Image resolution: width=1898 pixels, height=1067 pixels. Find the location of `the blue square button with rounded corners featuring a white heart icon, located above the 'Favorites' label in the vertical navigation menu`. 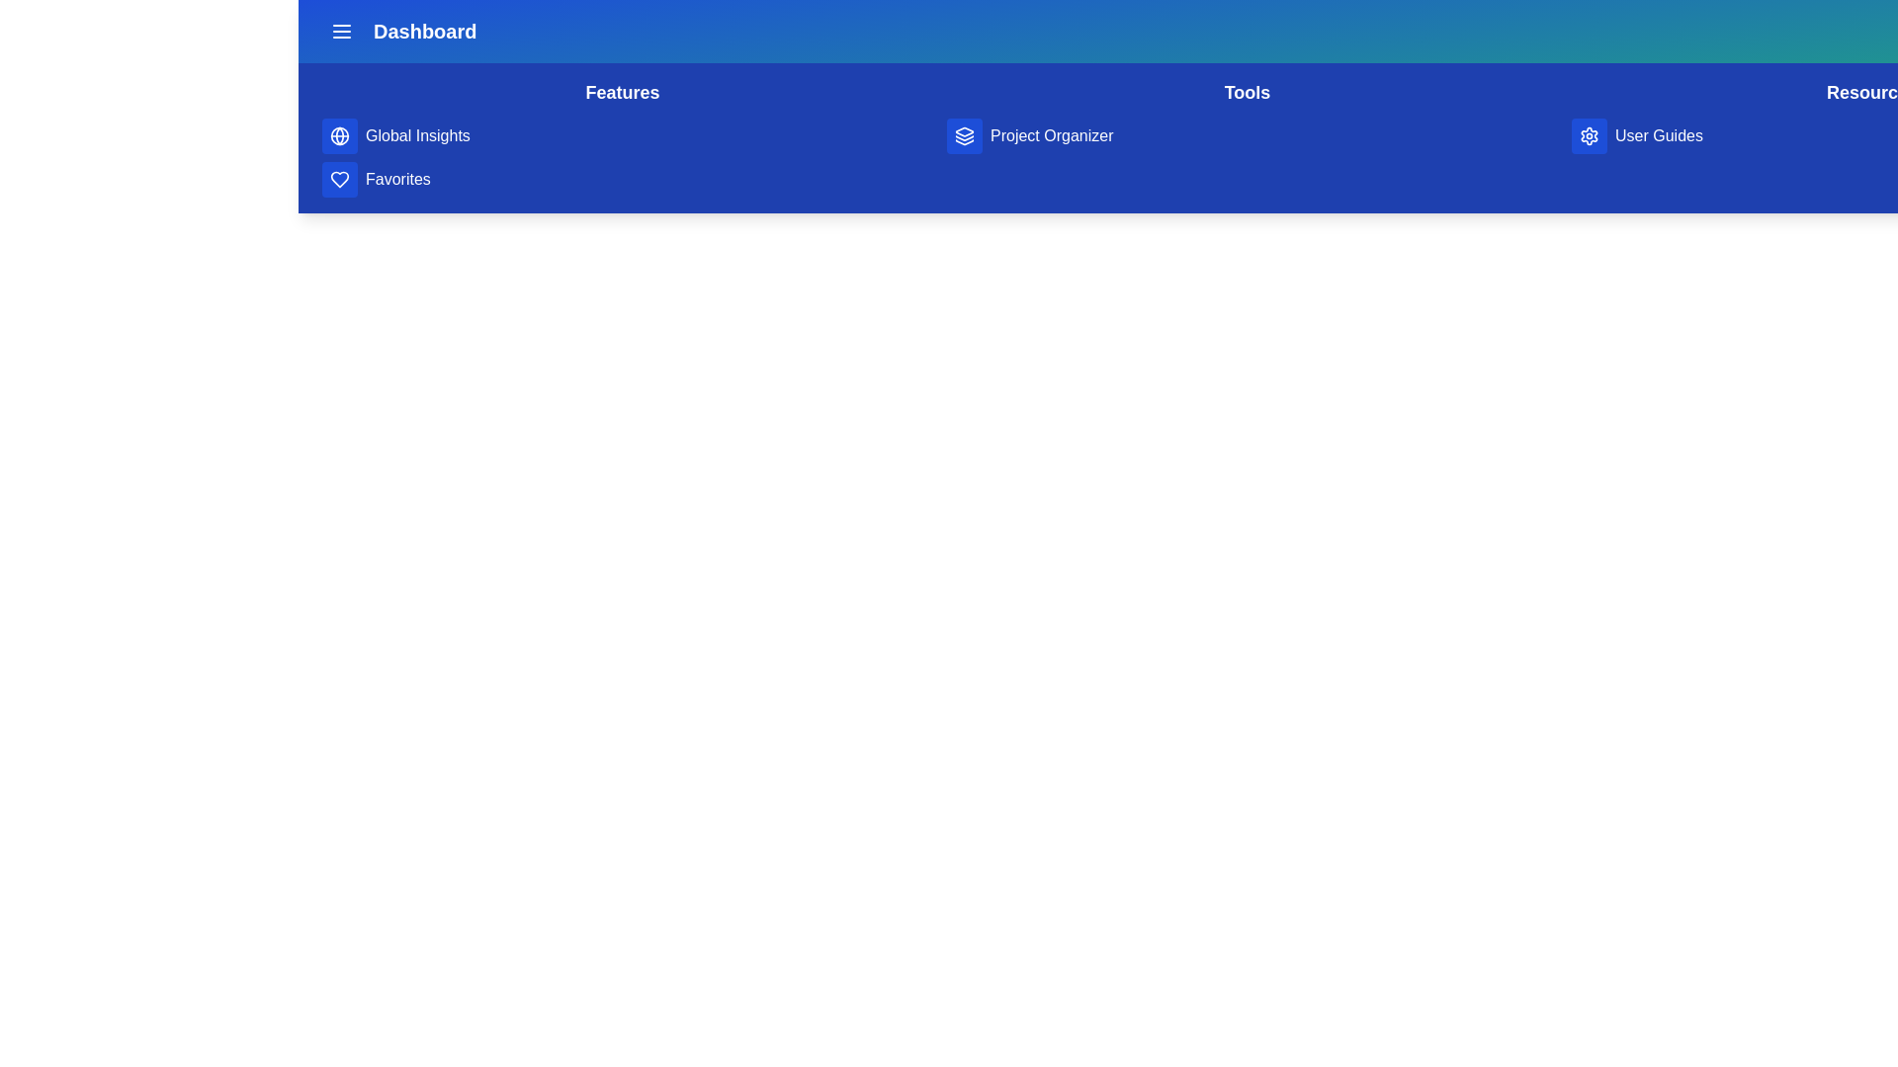

the blue square button with rounded corners featuring a white heart icon, located above the 'Favorites' label in the vertical navigation menu is located at coordinates (340, 179).